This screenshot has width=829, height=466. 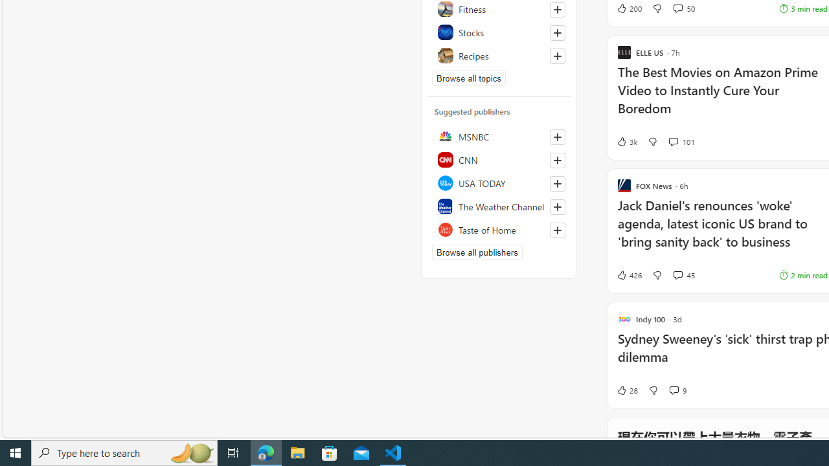 What do you see at coordinates (557, 56) in the screenshot?
I see `'Follow this topic'` at bounding box center [557, 56].